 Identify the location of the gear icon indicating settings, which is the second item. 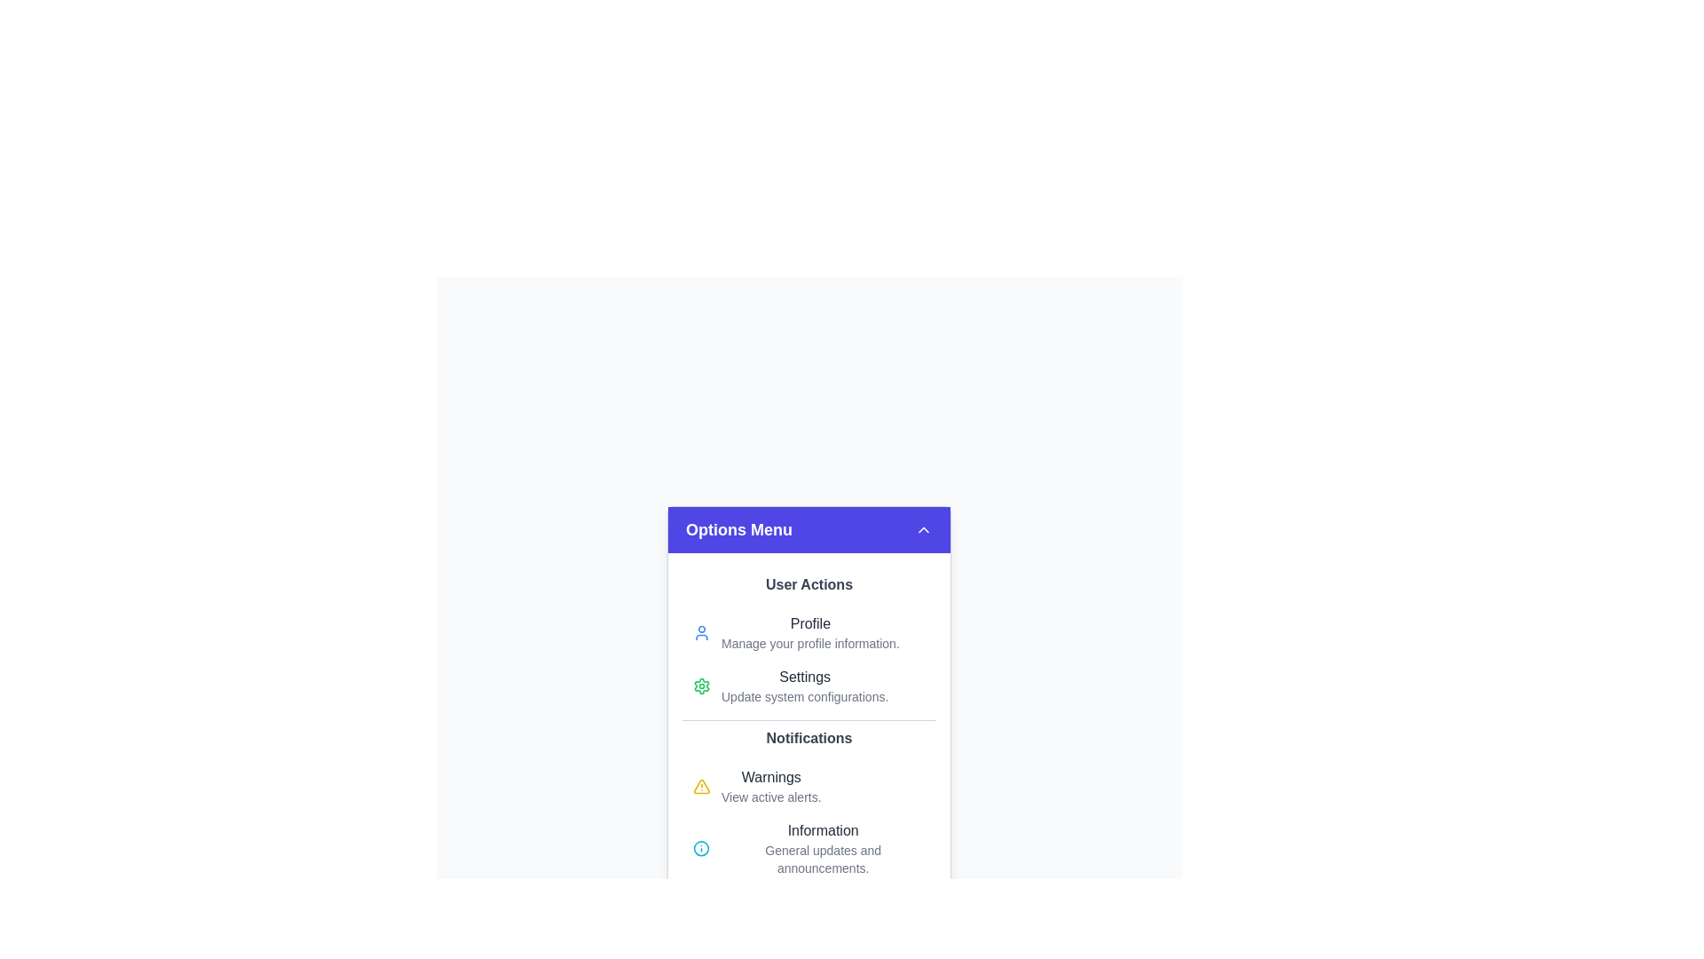
(701, 685).